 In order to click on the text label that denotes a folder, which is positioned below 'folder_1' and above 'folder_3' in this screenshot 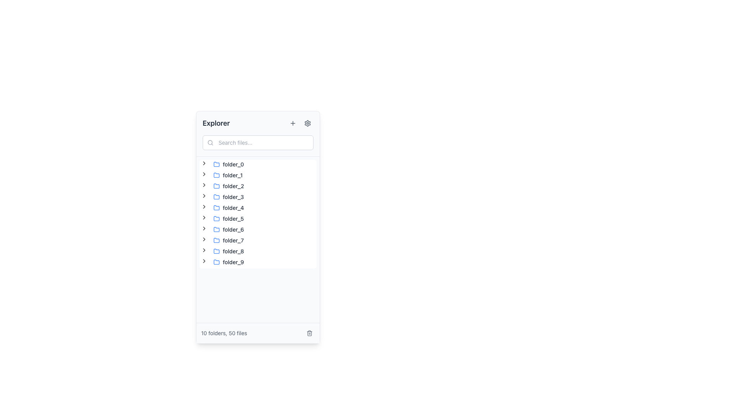, I will do `click(233, 186)`.